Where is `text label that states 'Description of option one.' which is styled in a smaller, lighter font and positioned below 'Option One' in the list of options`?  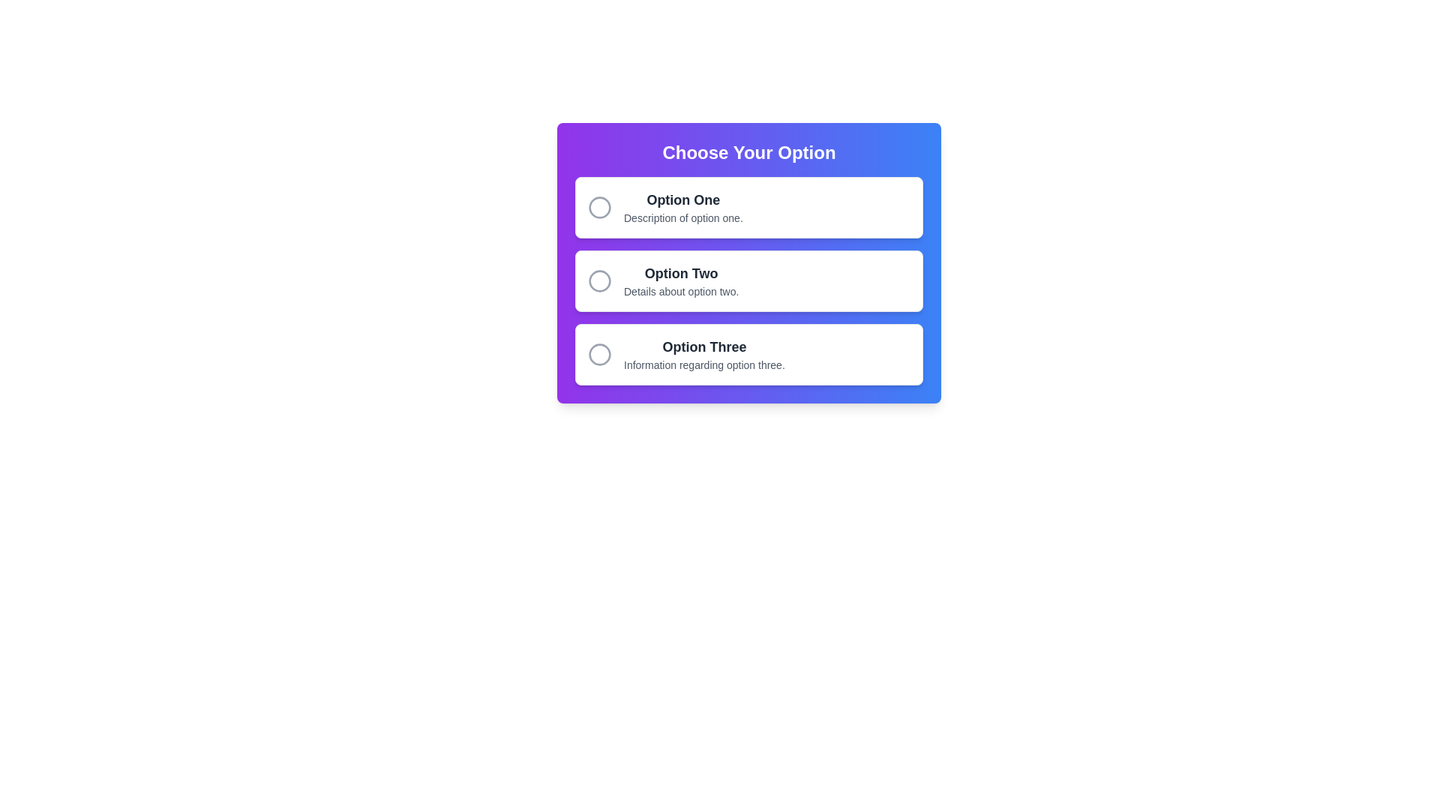 text label that states 'Description of option one.' which is styled in a smaller, lighter font and positioned below 'Option One' in the list of options is located at coordinates (682, 217).